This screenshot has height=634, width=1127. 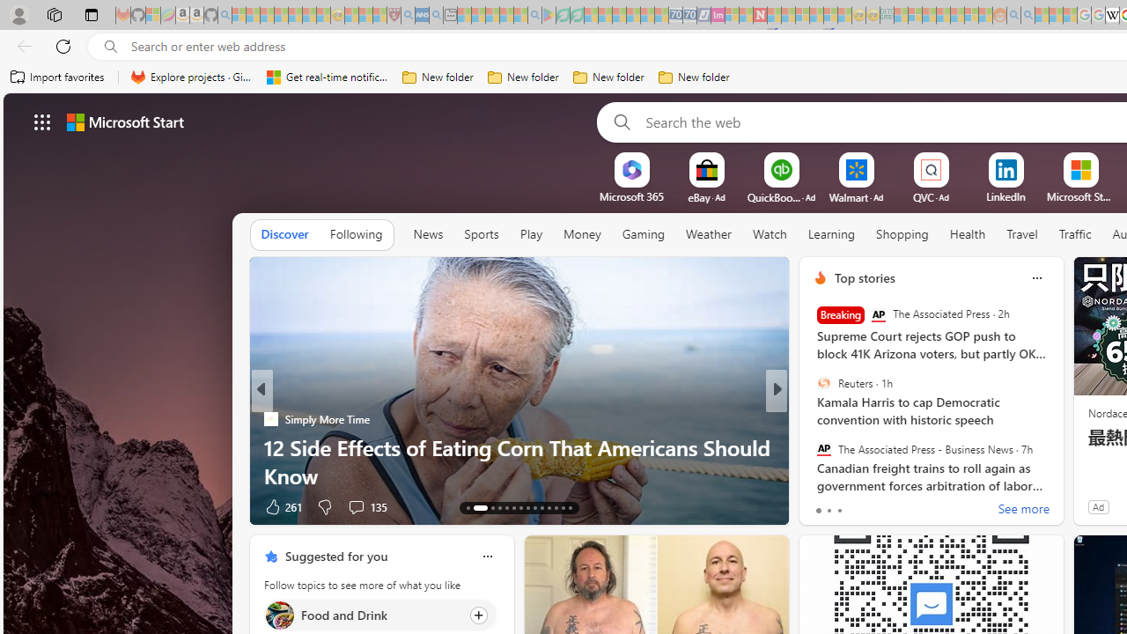 I want to click on 'Following', so click(x=355, y=234).